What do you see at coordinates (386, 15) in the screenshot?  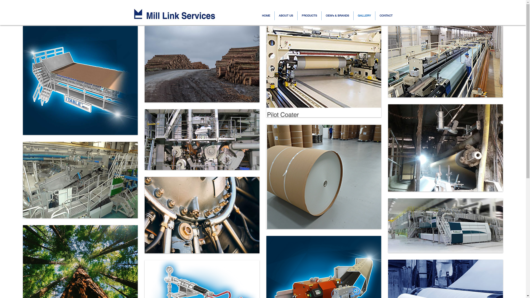 I see `'CONTACT'` at bounding box center [386, 15].